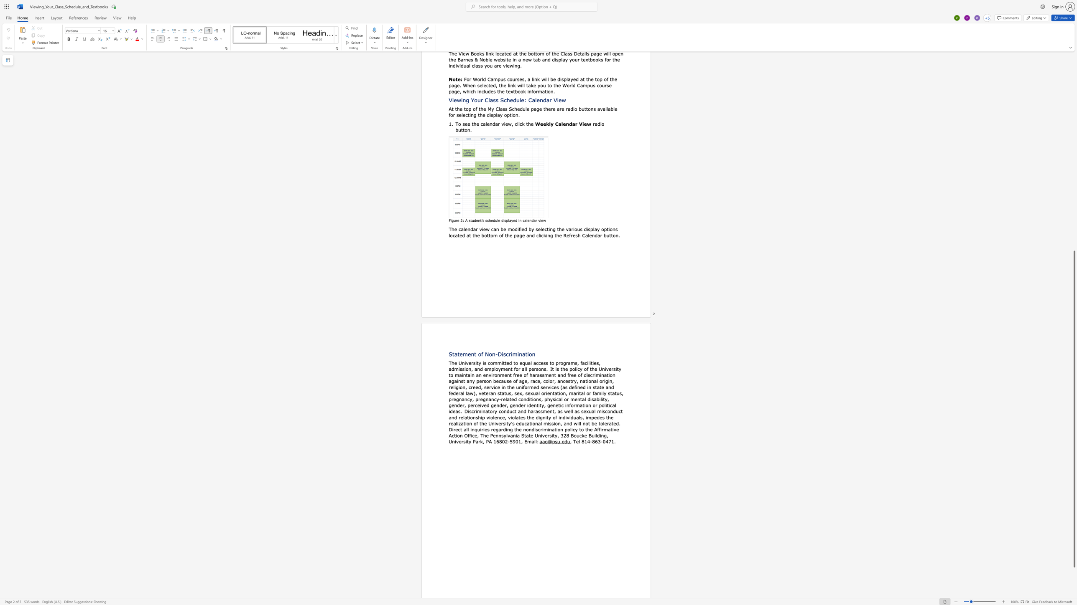 Image resolution: width=1077 pixels, height=605 pixels. Describe the element at coordinates (1074, 86) in the screenshot. I see `the scrollbar to slide the page up` at that location.